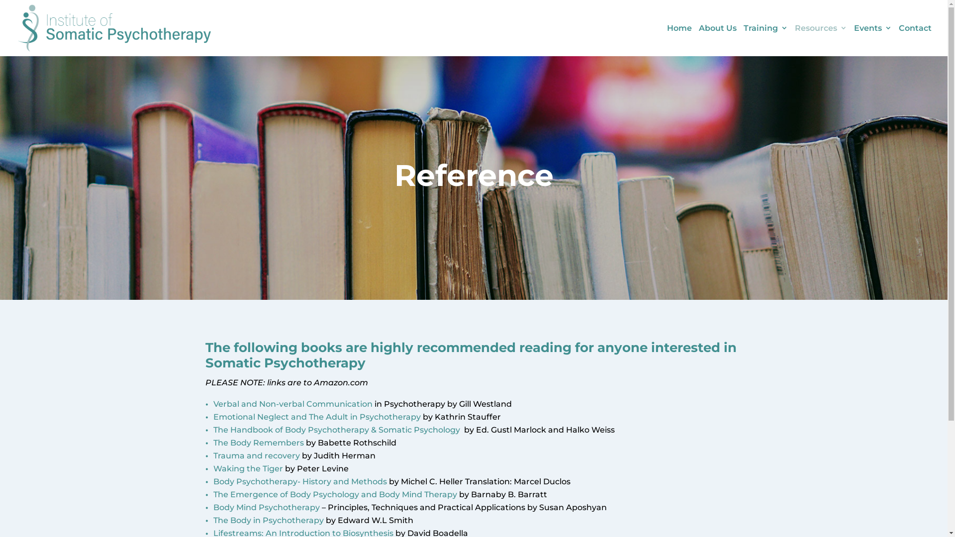 Image resolution: width=955 pixels, height=537 pixels. Describe the element at coordinates (743, 40) in the screenshot. I see `'Training'` at that location.